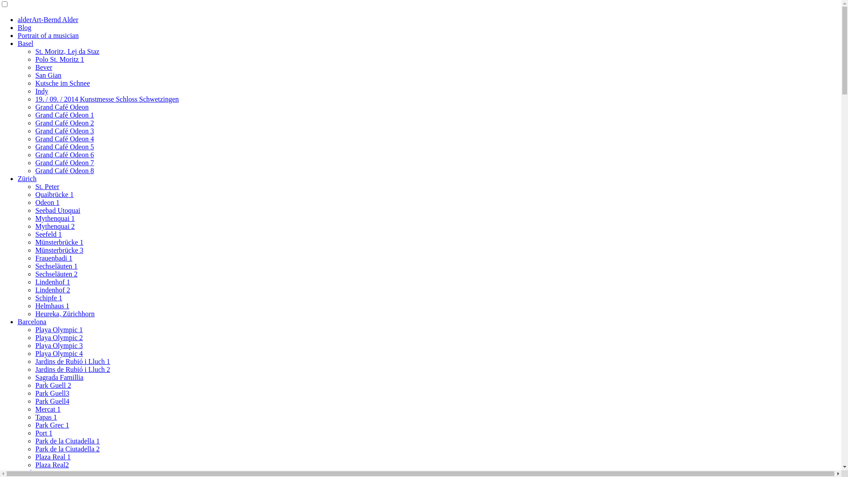  What do you see at coordinates (35, 401) in the screenshot?
I see `'Park Guell4'` at bounding box center [35, 401].